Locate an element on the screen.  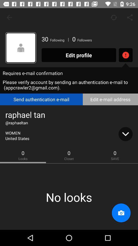
the icon next to the 30 icon is located at coordinates (20, 48).